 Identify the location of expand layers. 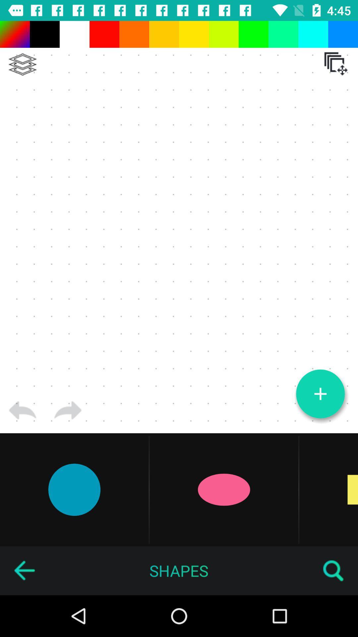
(22, 64).